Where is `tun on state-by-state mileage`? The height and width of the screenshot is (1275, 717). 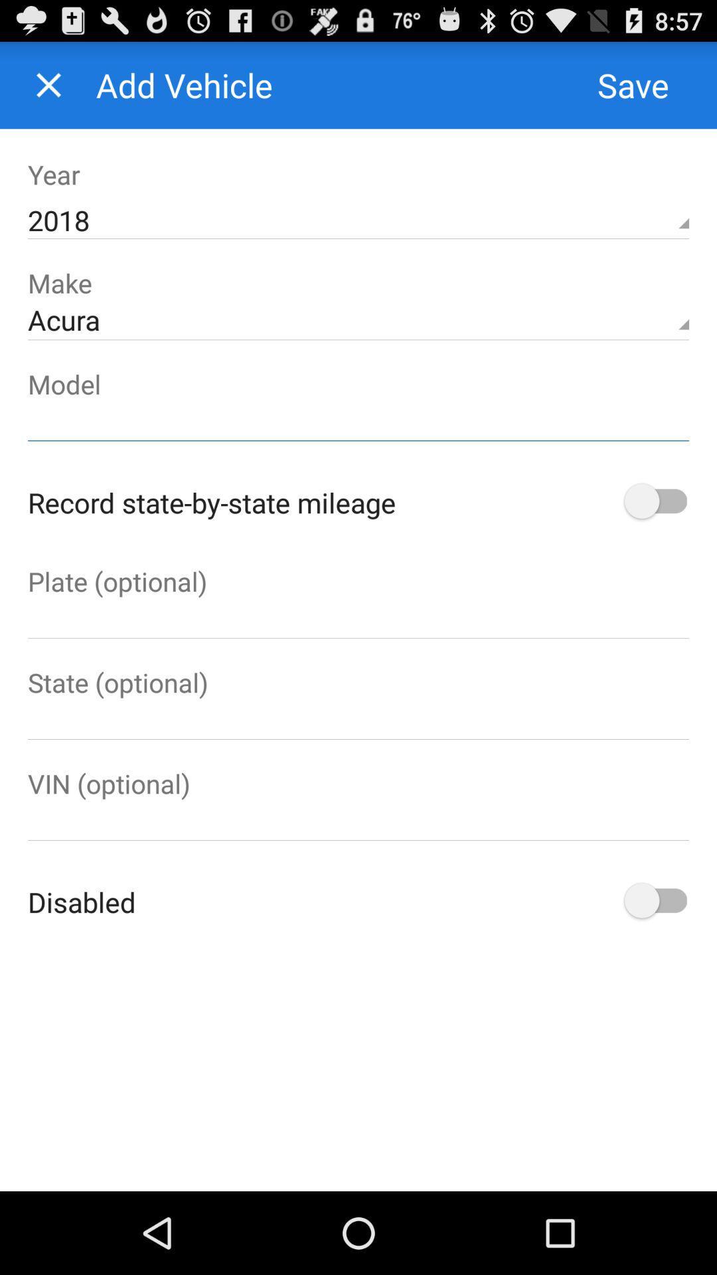 tun on state-by-state mileage is located at coordinates (653, 501).